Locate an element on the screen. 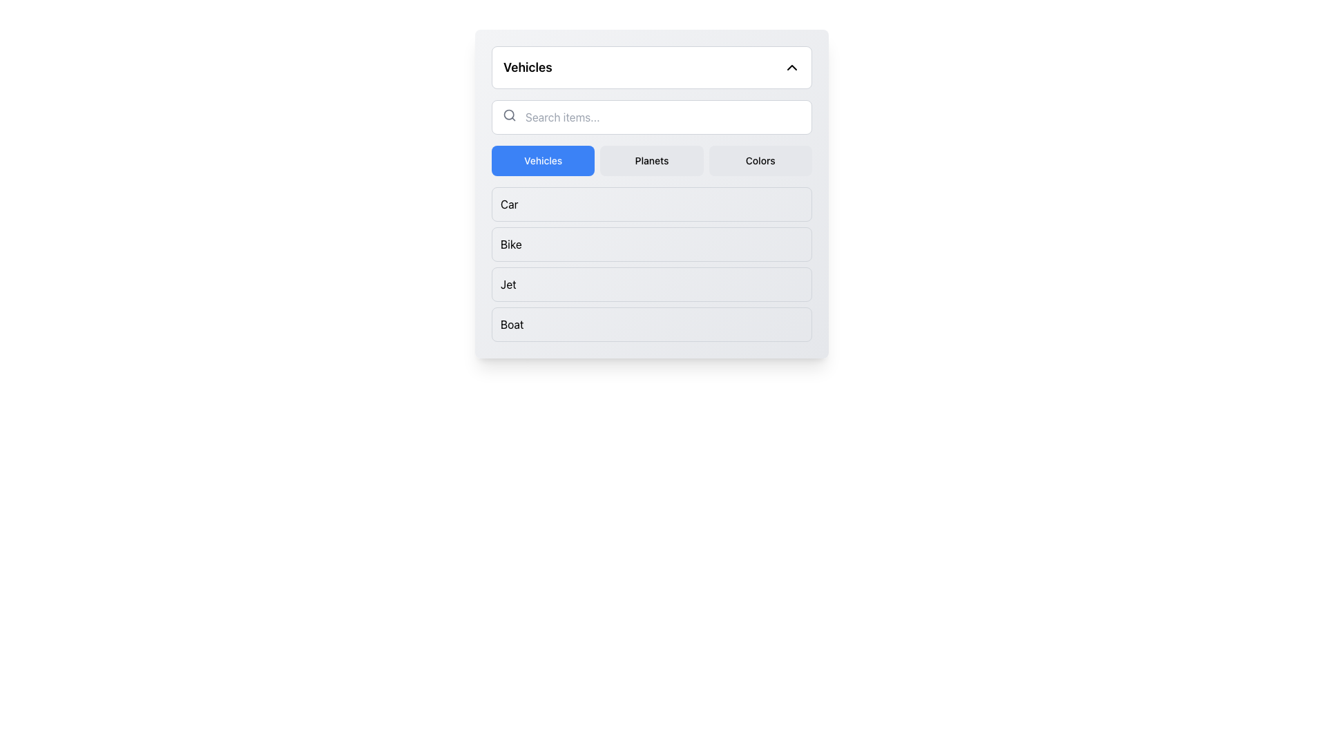 This screenshot has width=1326, height=746. the text label representing the selectable option labeled 'Jet' in the dropdown menu under the 'Vehicles' category is located at coordinates (508, 284).